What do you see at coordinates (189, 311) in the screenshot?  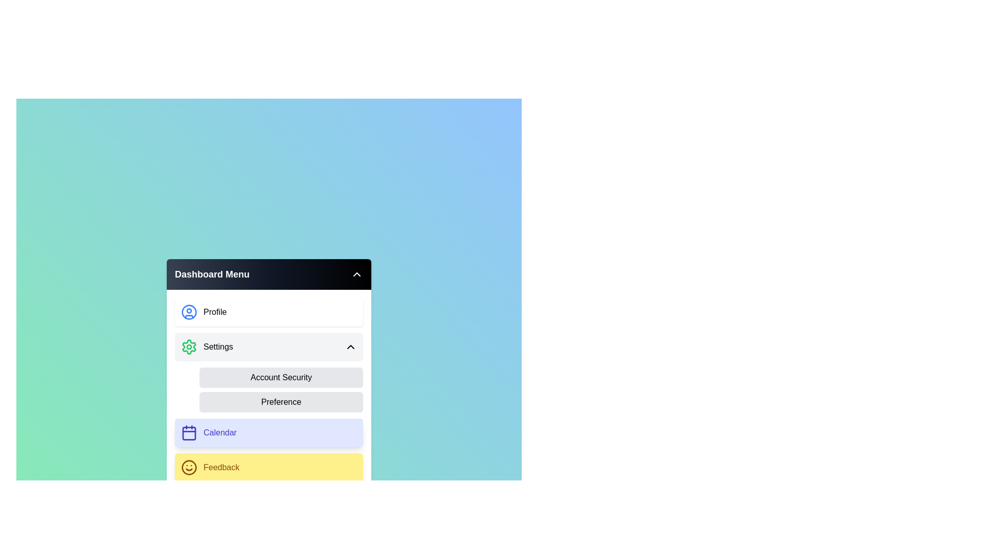 I see `the decorative icon representing the 'Profile' section in the dashboard menu, which is located to the left of the text 'Profile'` at bounding box center [189, 311].